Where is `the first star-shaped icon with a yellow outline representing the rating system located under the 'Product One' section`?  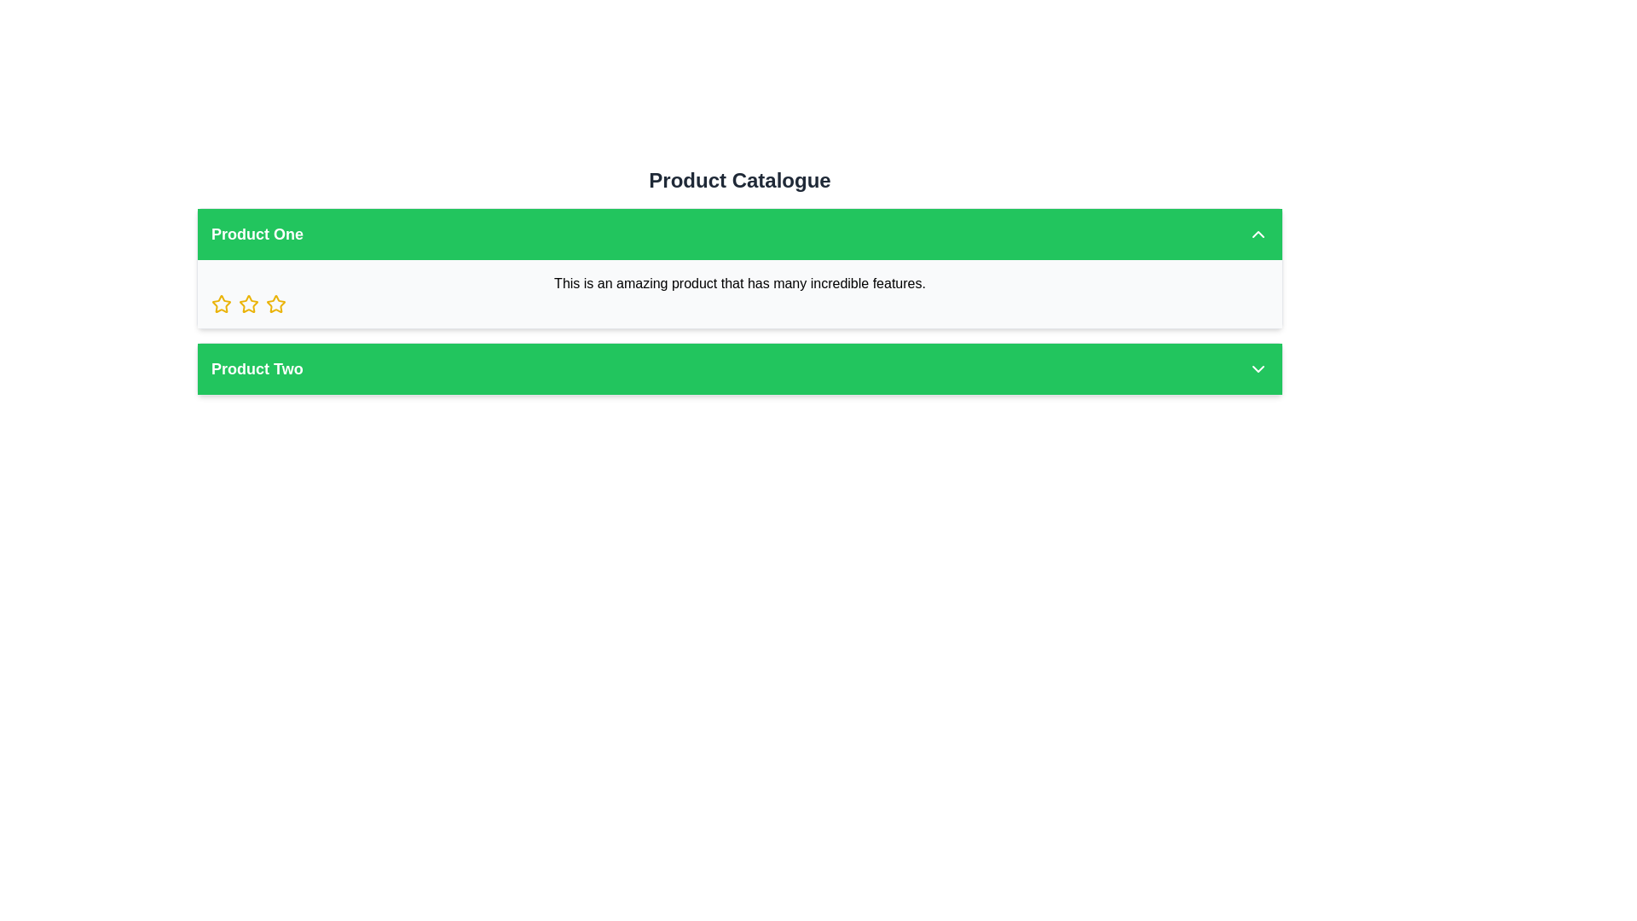 the first star-shaped icon with a yellow outline representing the rating system located under the 'Product One' section is located at coordinates (220, 304).